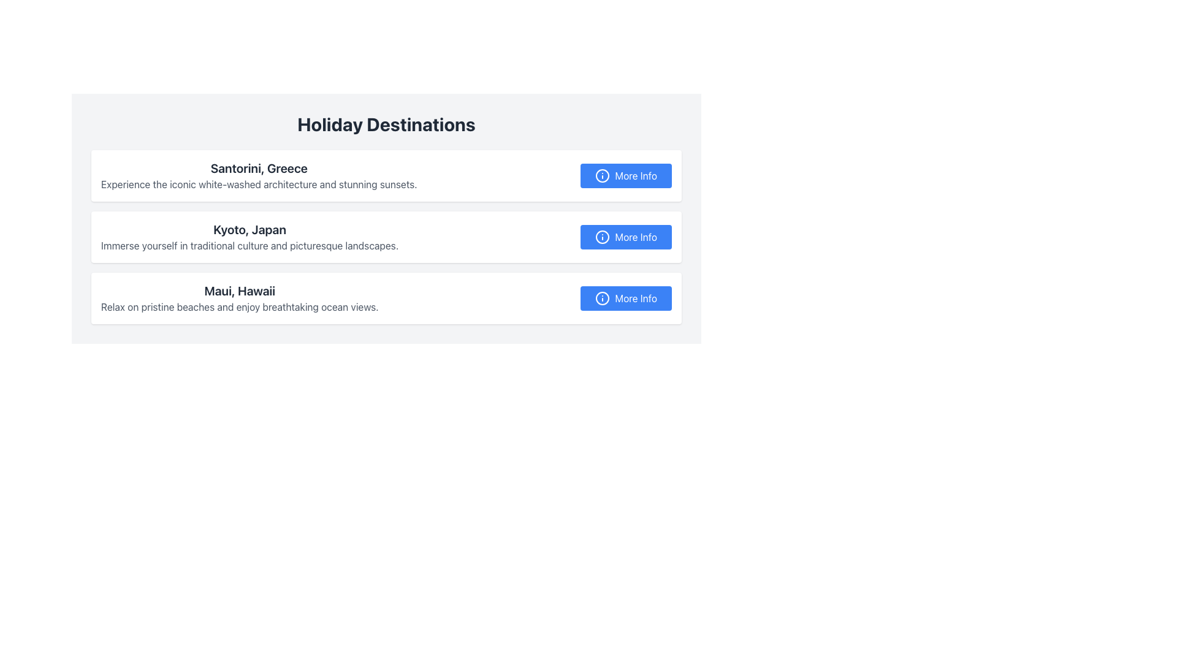 Image resolution: width=1177 pixels, height=662 pixels. What do you see at coordinates (603, 237) in the screenshot?
I see `the informational icon in the shape of a circle with a white 'i' inside, located to the left of the 'More Info' text in the blue button under the 'Holiday Destinations' header` at bounding box center [603, 237].